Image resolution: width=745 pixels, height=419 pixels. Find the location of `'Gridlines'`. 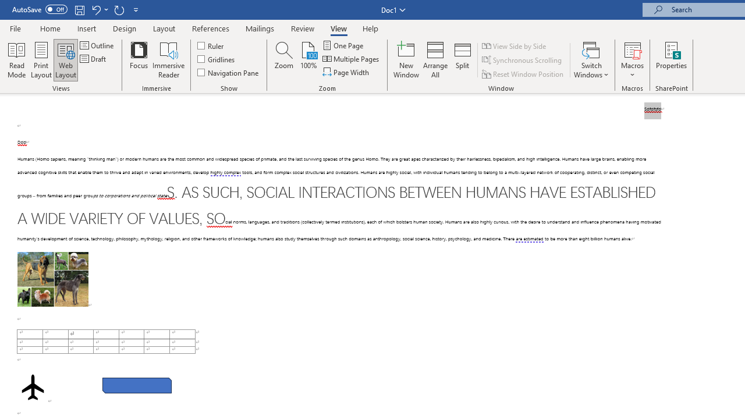

'Gridlines' is located at coordinates (217, 59).